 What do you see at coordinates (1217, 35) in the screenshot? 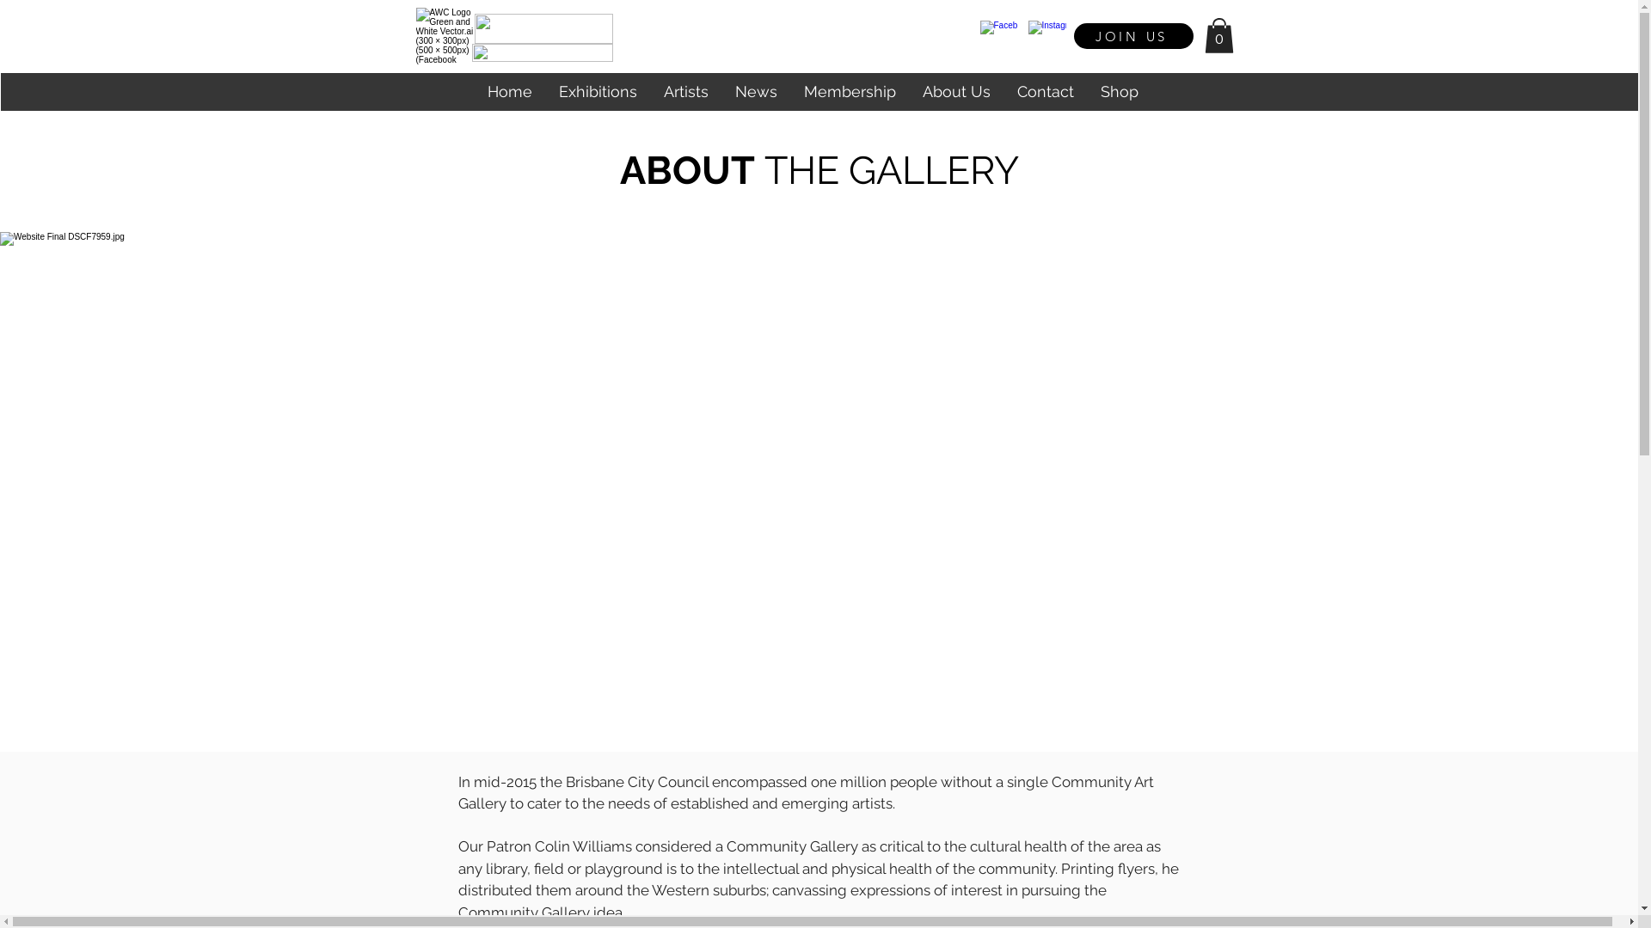
I see `'0'` at bounding box center [1217, 35].